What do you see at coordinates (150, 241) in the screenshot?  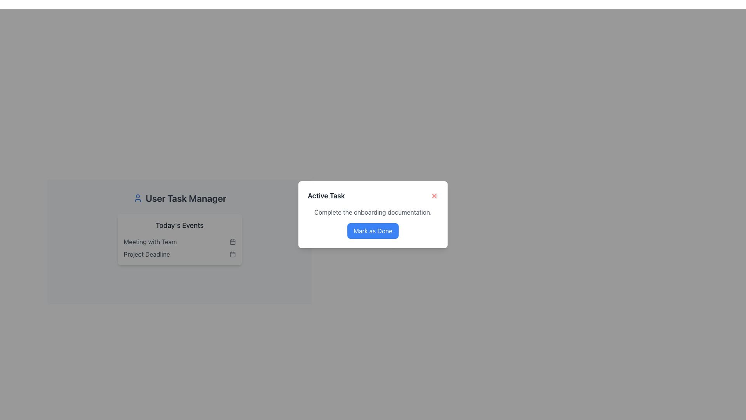 I see `the 'Meeting with Team' text label, which is the first item in the 'Today's Events' section of the 'User Task Manager' panel` at bounding box center [150, 241].